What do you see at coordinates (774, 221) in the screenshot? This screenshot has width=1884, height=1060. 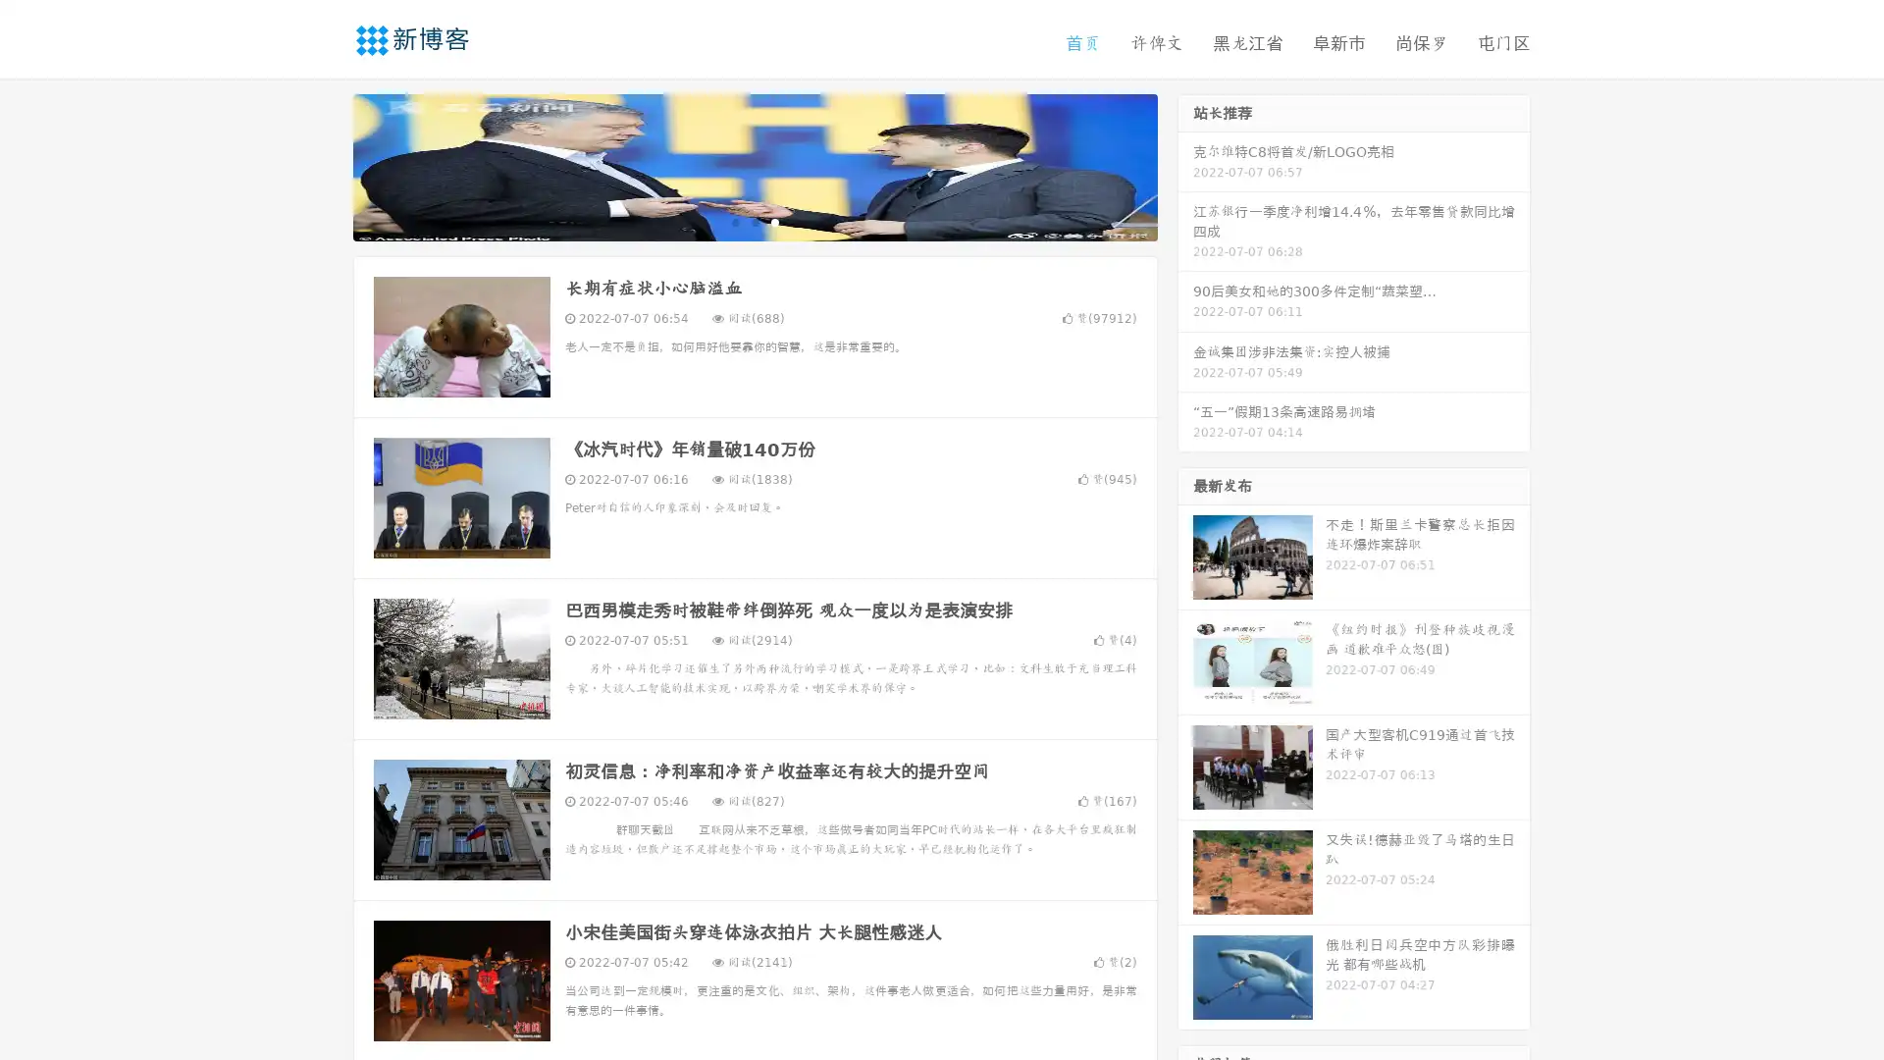 I see `Go to slide 3` at bounding box center [774, 221].